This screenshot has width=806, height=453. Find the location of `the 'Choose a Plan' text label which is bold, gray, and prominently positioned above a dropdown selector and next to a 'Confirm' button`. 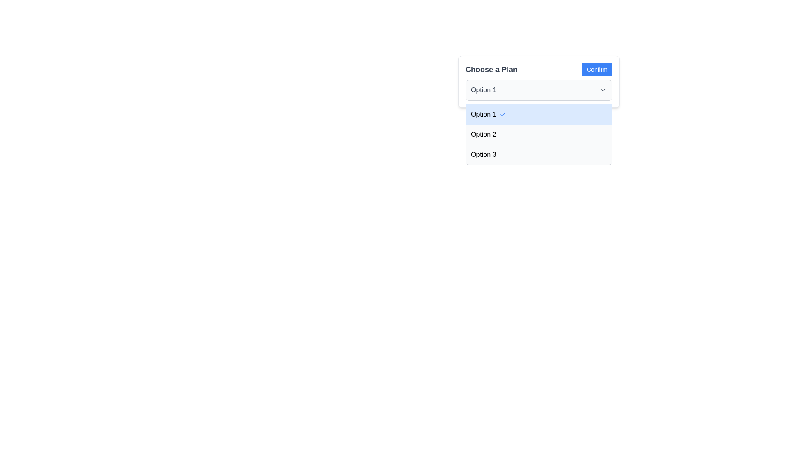

the 'Choose a Plan' text label which is bold, gray, and prominently positioned above a dropdown selector and next to a 'Confirm' button is located at coordinates (492, 69).